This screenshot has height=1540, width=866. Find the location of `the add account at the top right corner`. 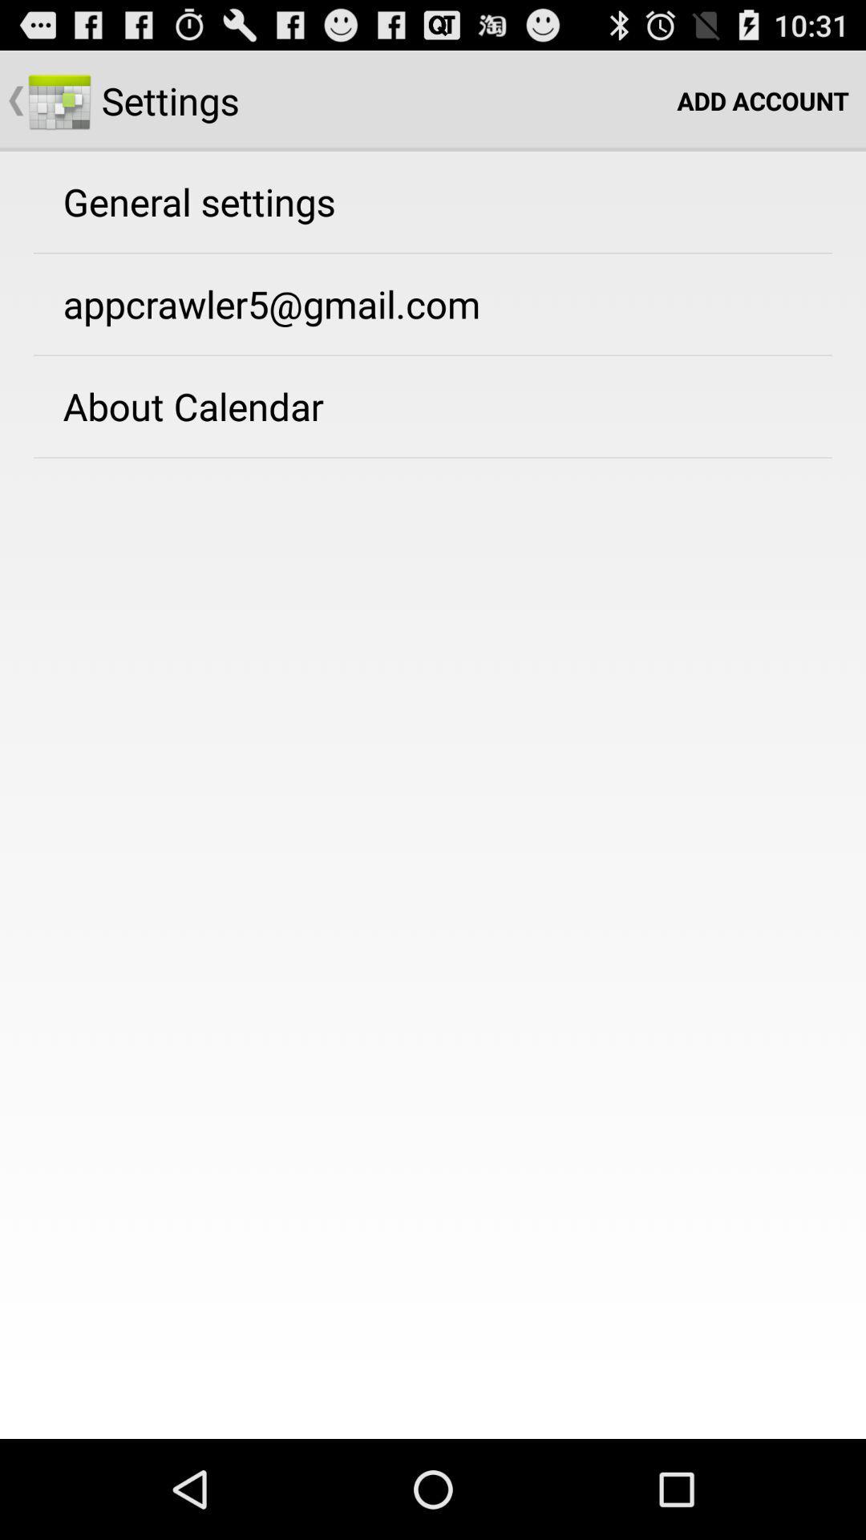

the add account at the top right corner is located at coordinates (762, 99).